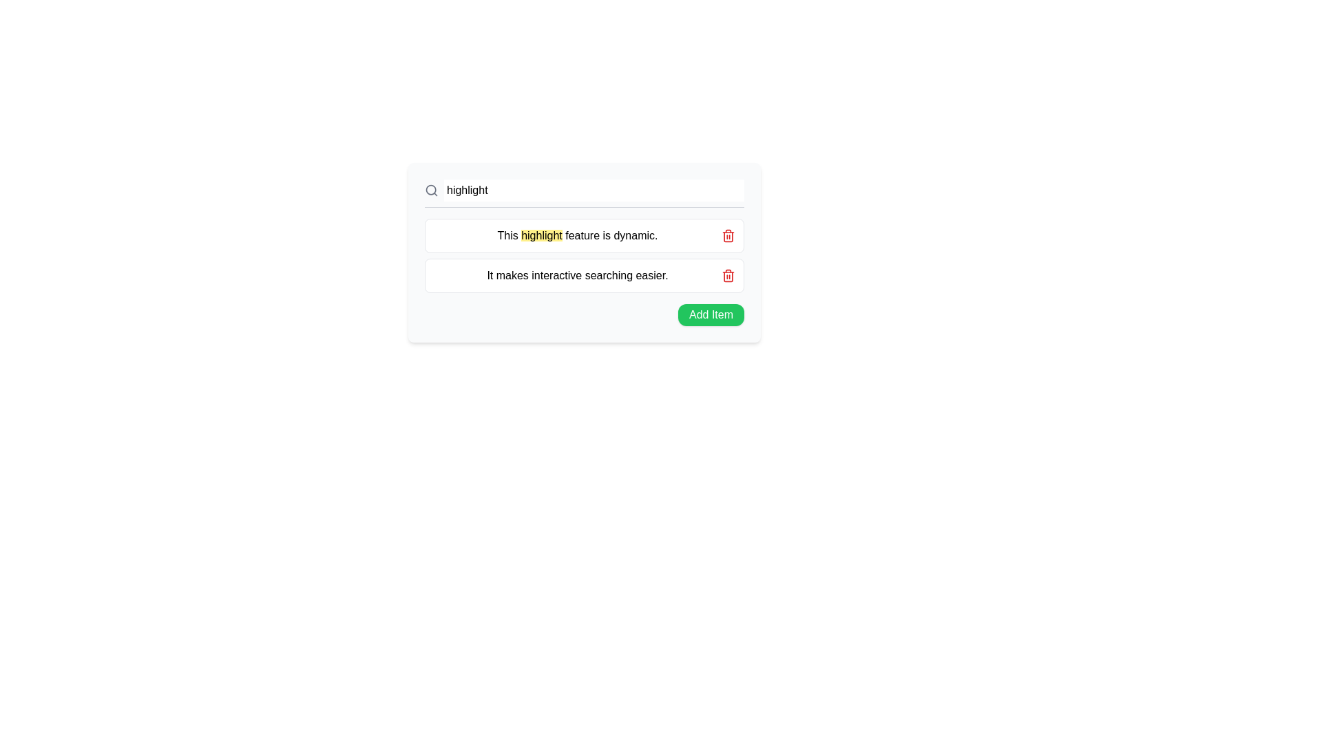 This screenshot has height=743, width=1322. What do you see at coordinates (594, 191) in the screenshot?
I see `the text 'highlight' in the text input box with the placeholder 'Type to search and highlight', located at the center of the top interface` at bounding box center [594, 191].